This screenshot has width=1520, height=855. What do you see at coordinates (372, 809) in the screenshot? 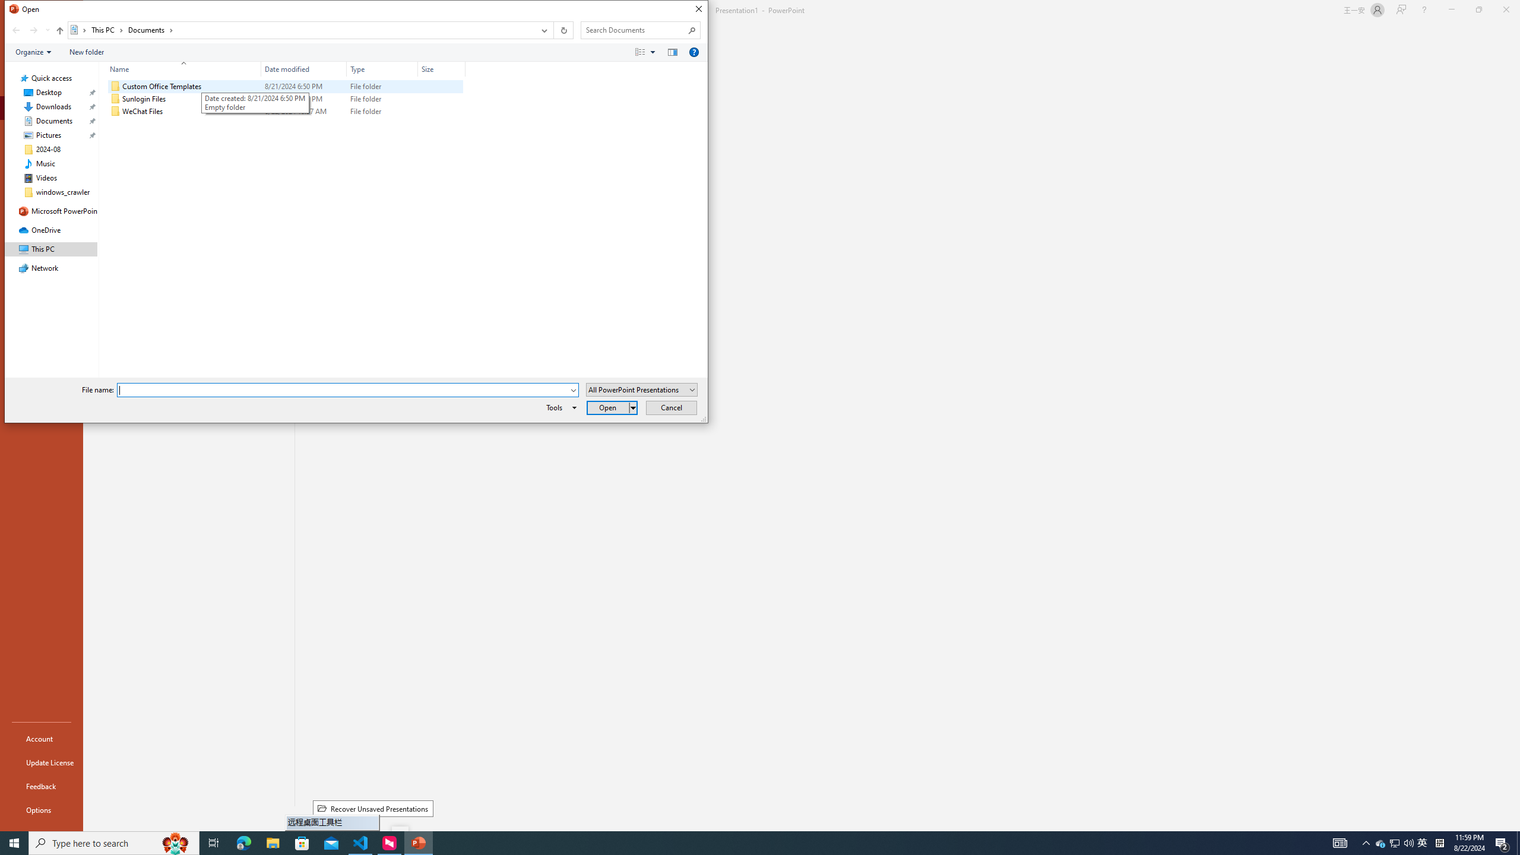
I see `'Recover Unsaved Presentations'` at bounding box center [372, 809].